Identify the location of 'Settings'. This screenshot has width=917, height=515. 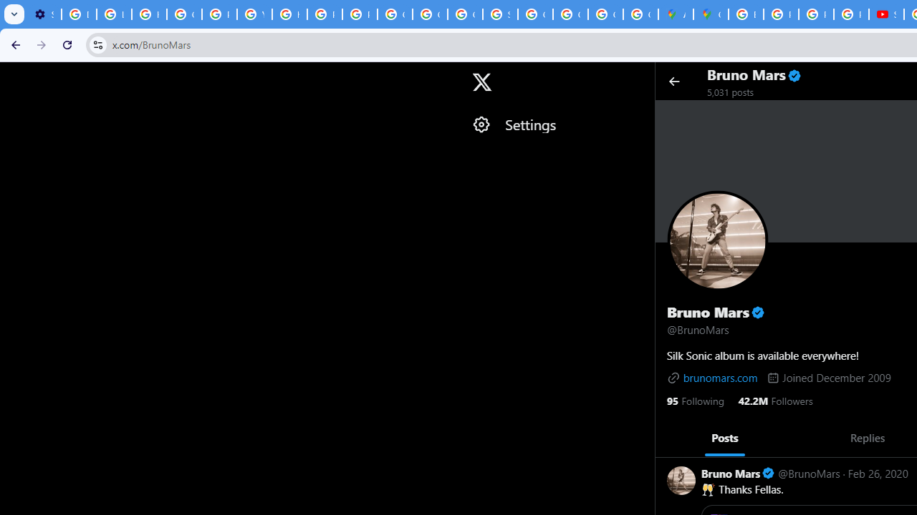
(555, 124).